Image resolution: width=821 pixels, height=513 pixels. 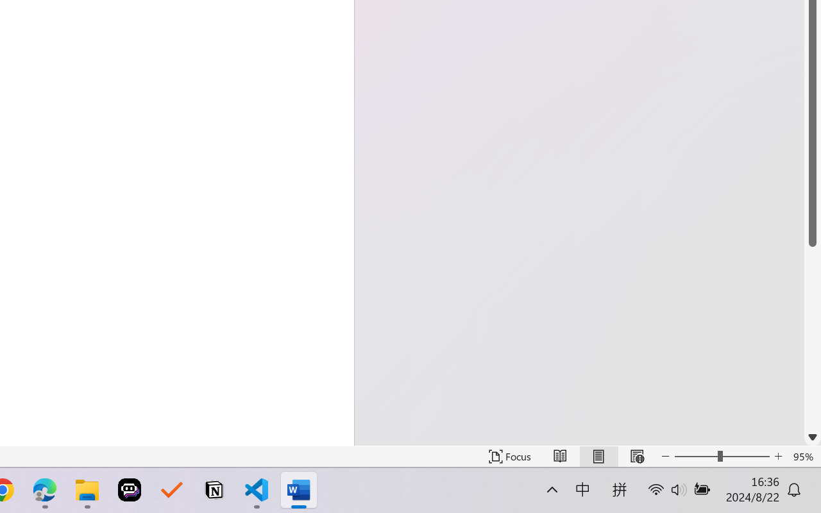 What do you see at coordinates (812, 437) in the screenshot?
I see `'Line down'` at bounding box center [812, 437].